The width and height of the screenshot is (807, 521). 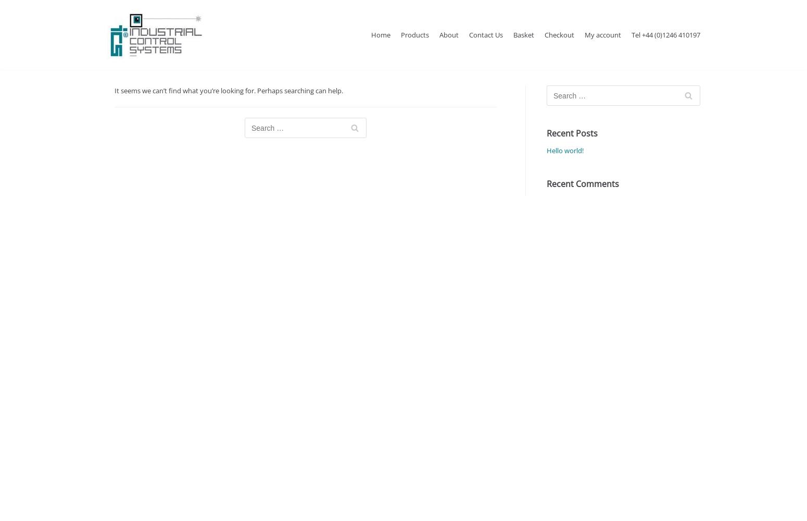 I want to click on 'Recent Comments', so click(x=582, y=183).